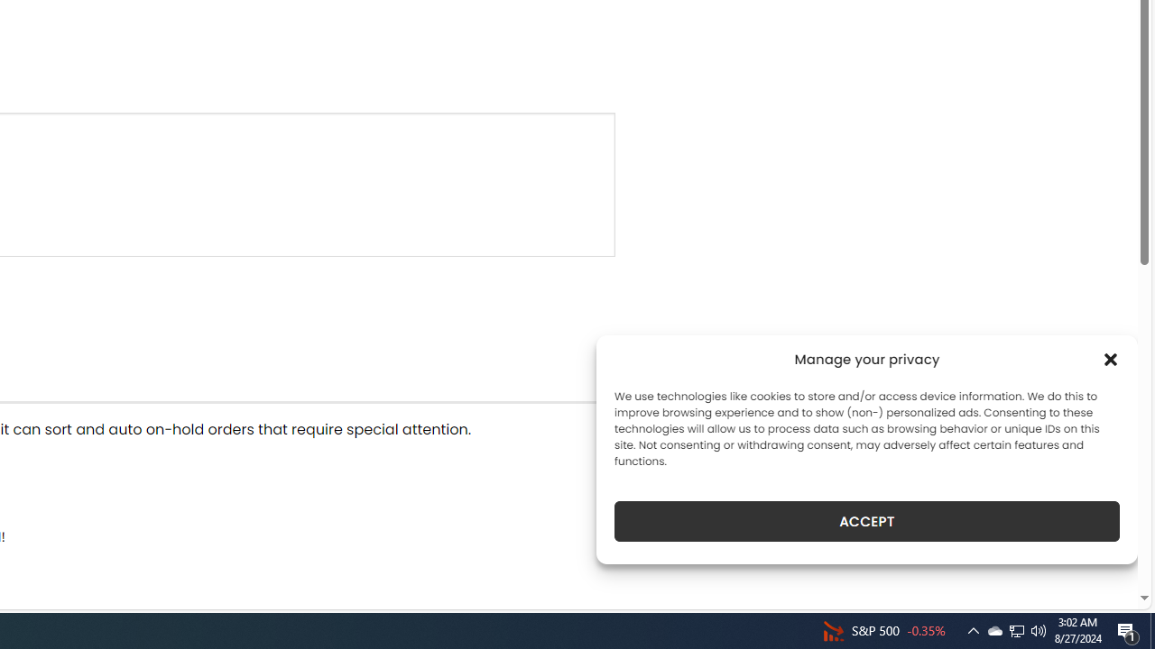 This screenshot has height=649, width=1155. Describe the element at coordinates (867, 521) in the screenshot. I see `'ACCEPT'` at that location.